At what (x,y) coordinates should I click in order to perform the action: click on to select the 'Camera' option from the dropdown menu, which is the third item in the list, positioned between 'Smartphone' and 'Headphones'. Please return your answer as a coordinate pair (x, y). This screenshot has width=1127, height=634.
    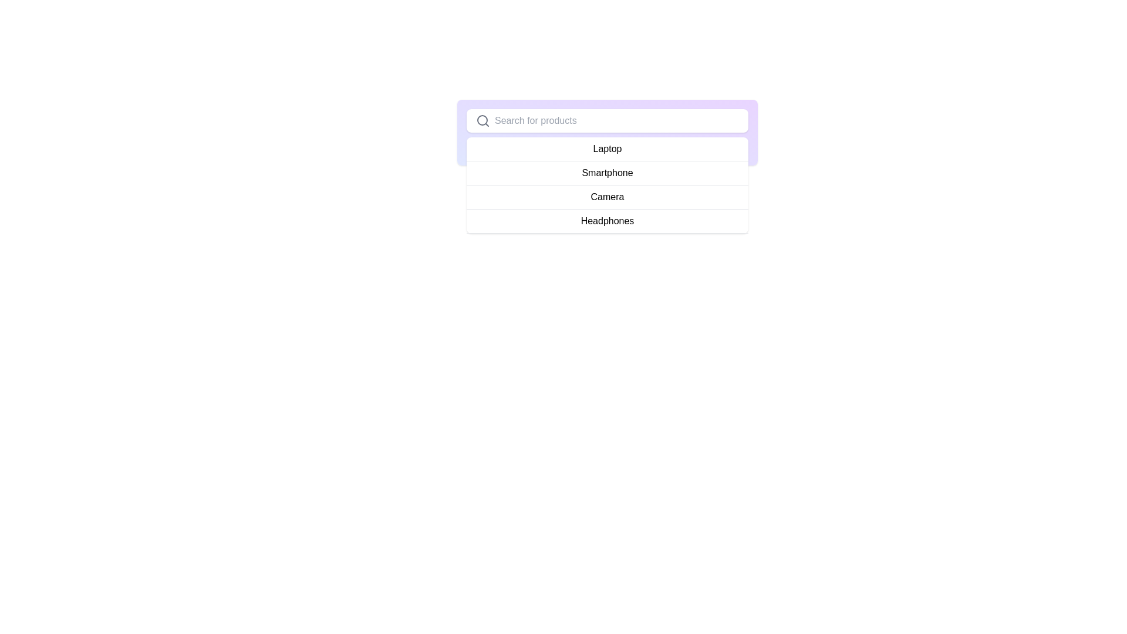
    Looking at the image, I should click on (608, 196).